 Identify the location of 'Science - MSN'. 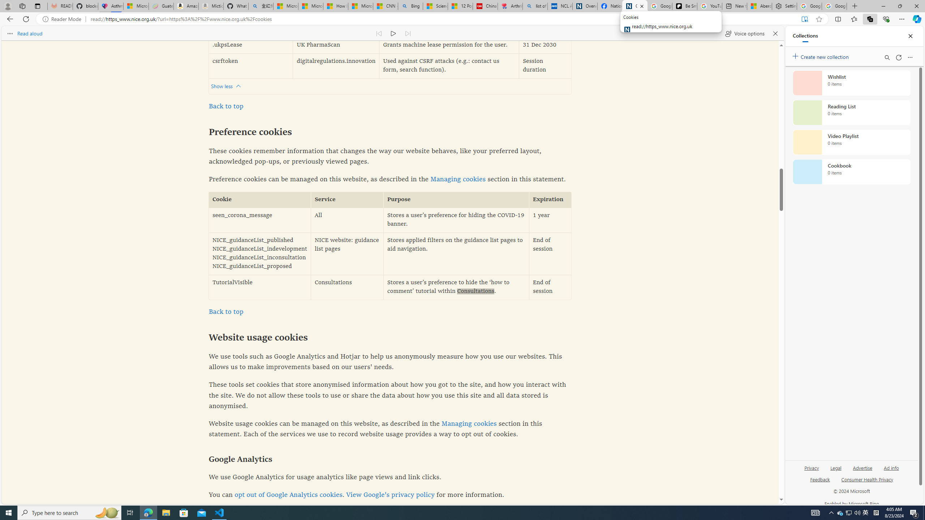
(435, 6).